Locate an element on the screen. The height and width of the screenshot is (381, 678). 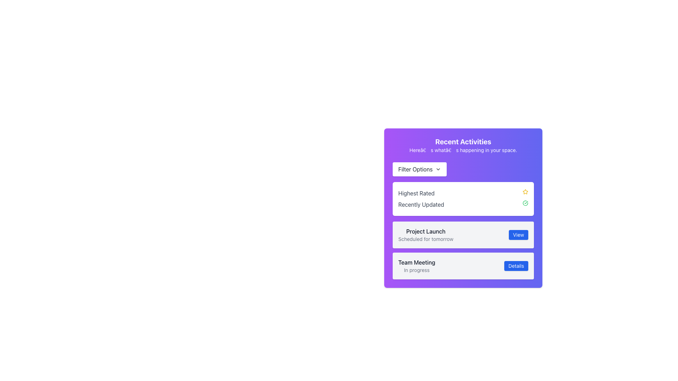
the star icon located on the far right of the 'Highest Rated' option in the 'Recent Activities' section to interact with the rating feature is located at coordinates (525, 192).